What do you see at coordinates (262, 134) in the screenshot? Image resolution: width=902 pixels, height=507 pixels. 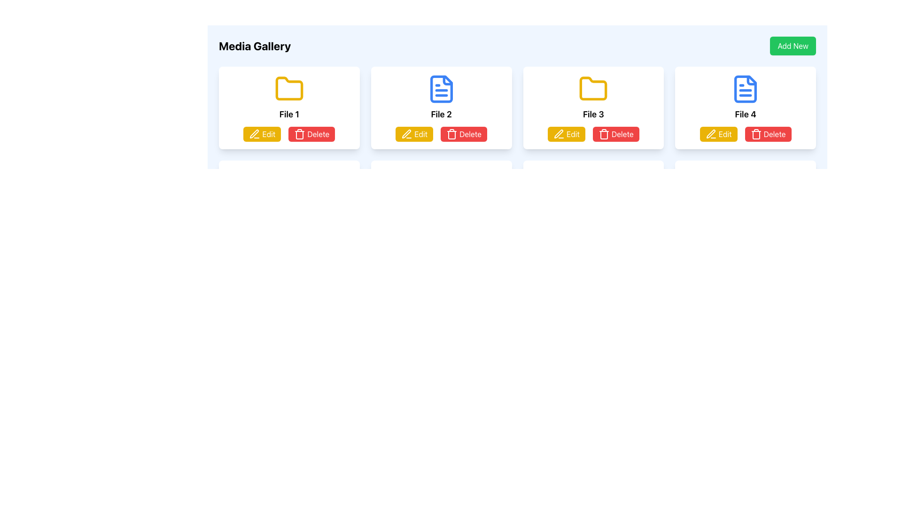 I see `the yellow 'Edit' button with rounded corners located under the 'File 1' card in the 'Media Gallery'` at bounding box center [262, 134].